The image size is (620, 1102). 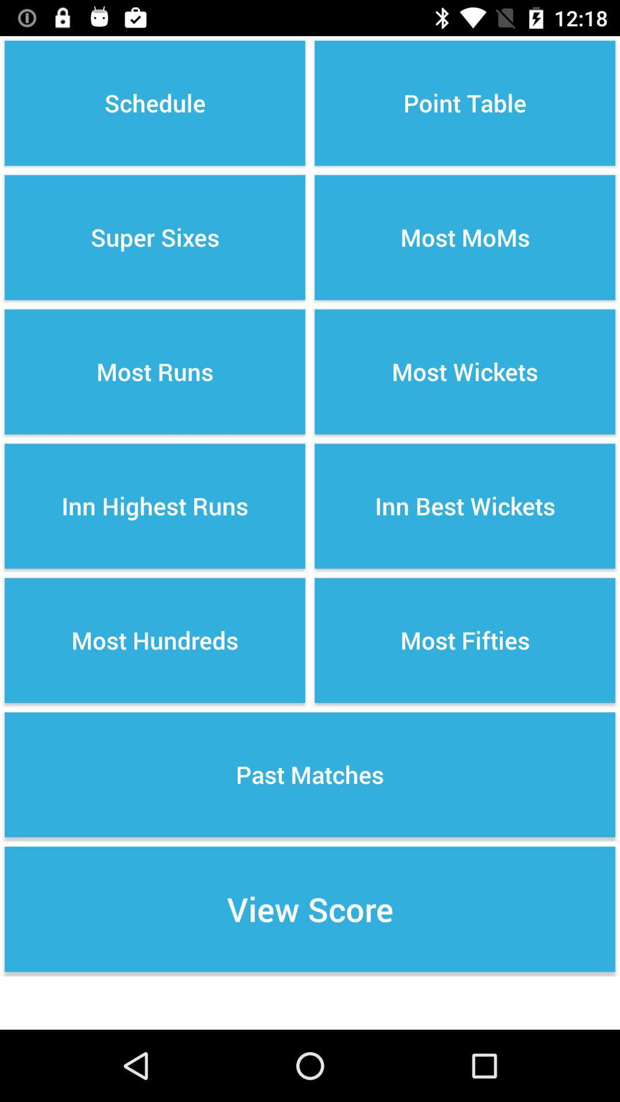 What do you see at coordinates (155, 506) in the screenshot?
I see `inn highest runs` at bounding box center [155, 506].